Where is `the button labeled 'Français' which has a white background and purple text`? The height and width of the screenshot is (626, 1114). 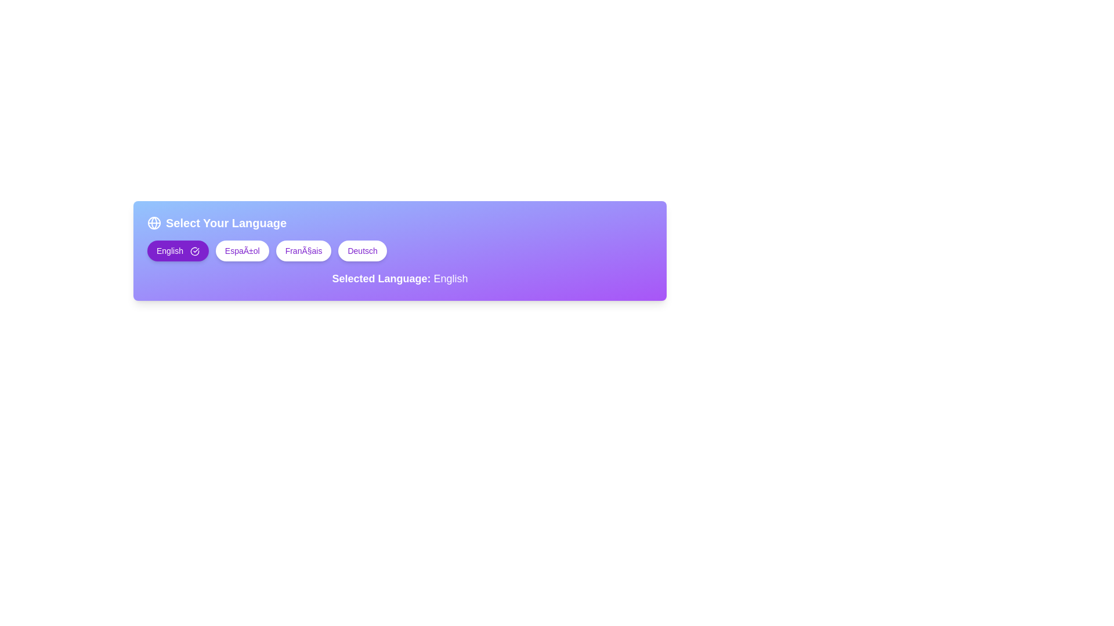 the button labeled 'Français' which has a white background and purple text is located at coordinates (303, 250).